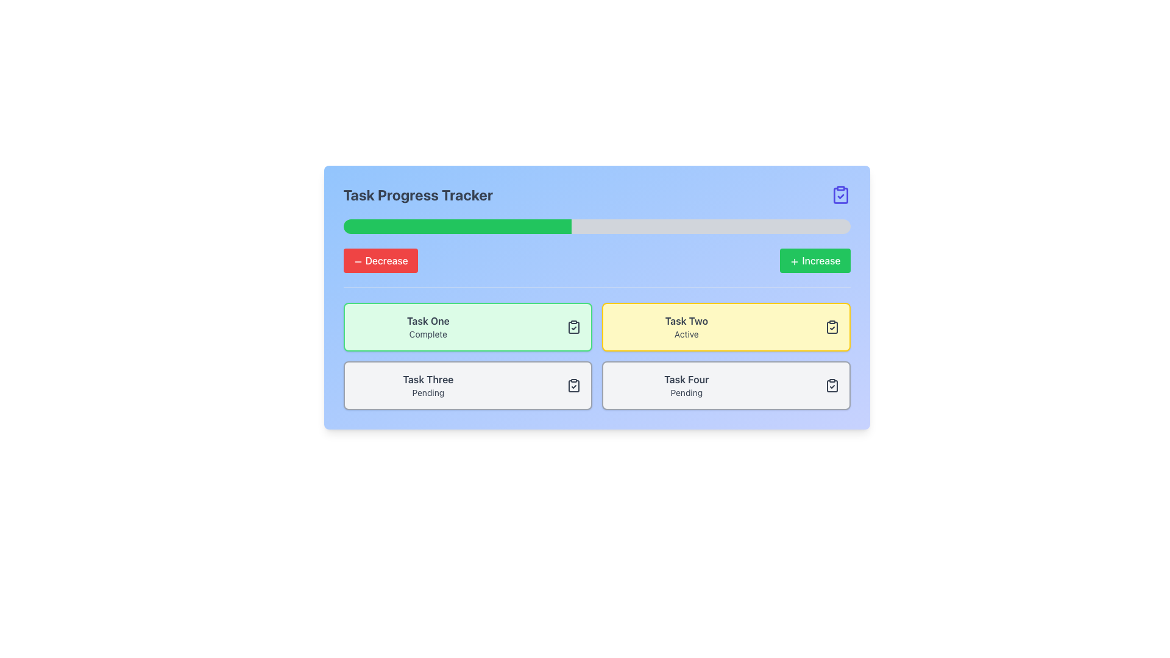  I want to click on the green button labeled 'Increase' which has rounded corners and a plus icon, to observe its hover effects, so click(815, 260).